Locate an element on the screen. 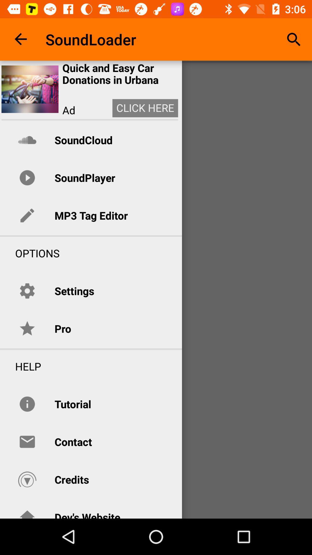  the options item is located at coordinates (30, 253).